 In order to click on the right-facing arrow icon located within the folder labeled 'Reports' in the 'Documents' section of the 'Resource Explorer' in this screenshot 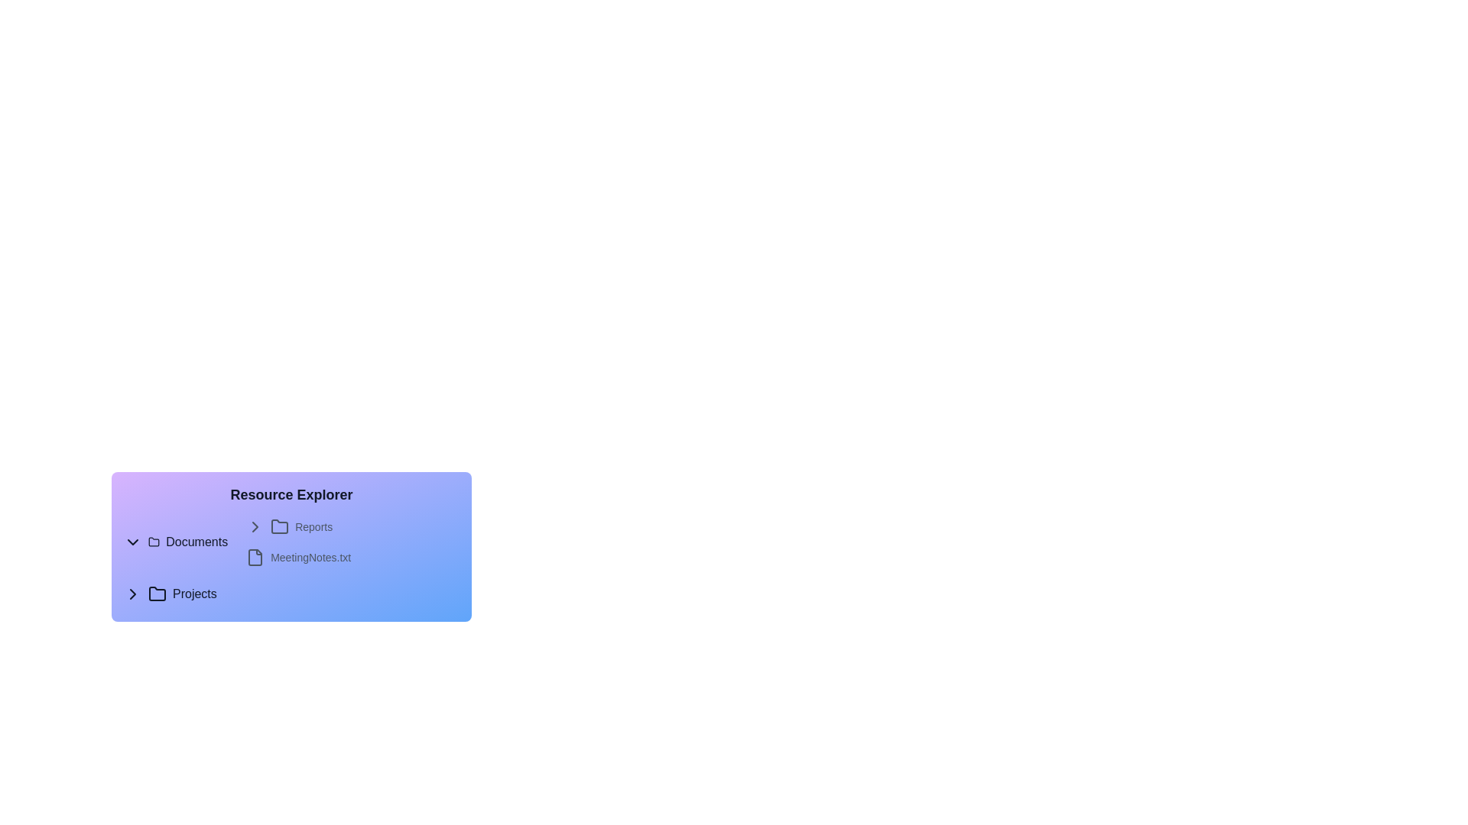, I will do `click(255, 526)`.